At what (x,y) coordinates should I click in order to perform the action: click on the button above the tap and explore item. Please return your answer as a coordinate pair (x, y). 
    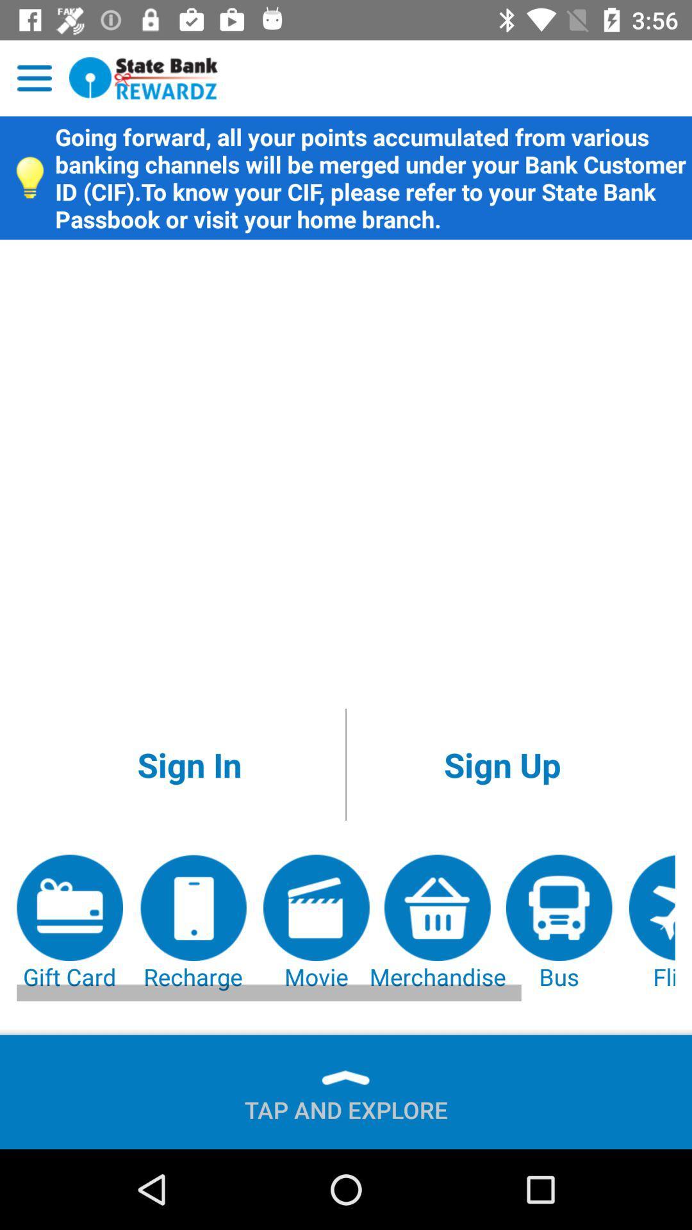
    Looking at the image, I should click on (558, 923).